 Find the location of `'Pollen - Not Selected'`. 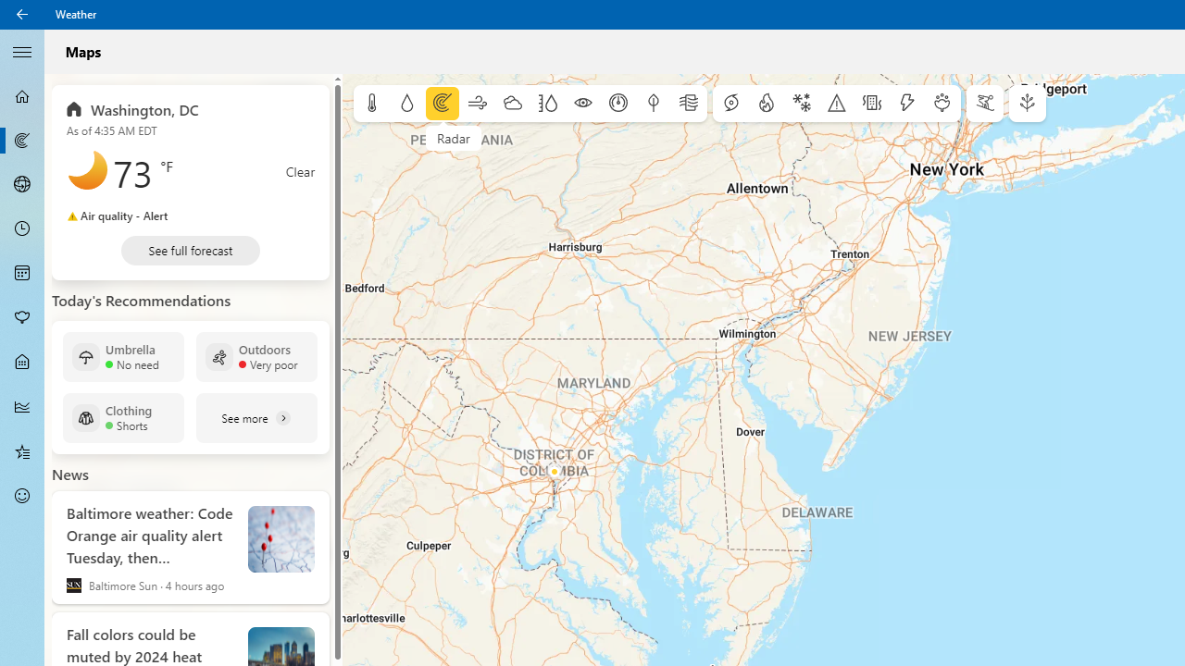

'Pollen - Not Selected' is located at coordinates (22, 316).